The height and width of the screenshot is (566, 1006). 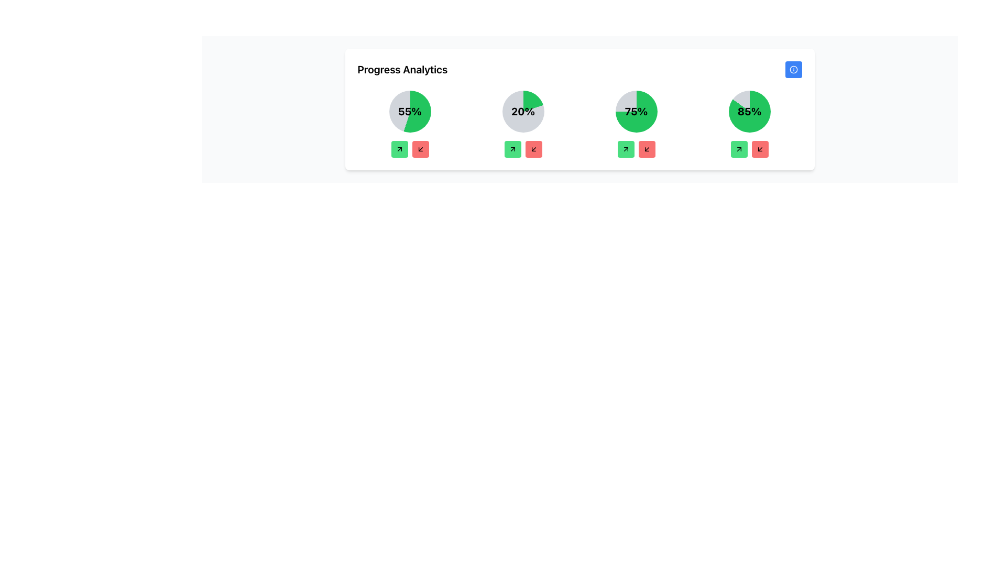 What do you see at coordinates (399, 149) in the screenshot?
I see `the green arrow icon with rounded corners located below the progress chart labeled '55%' in the 'Progress Analytics' card` at bounding box center [399, 149].